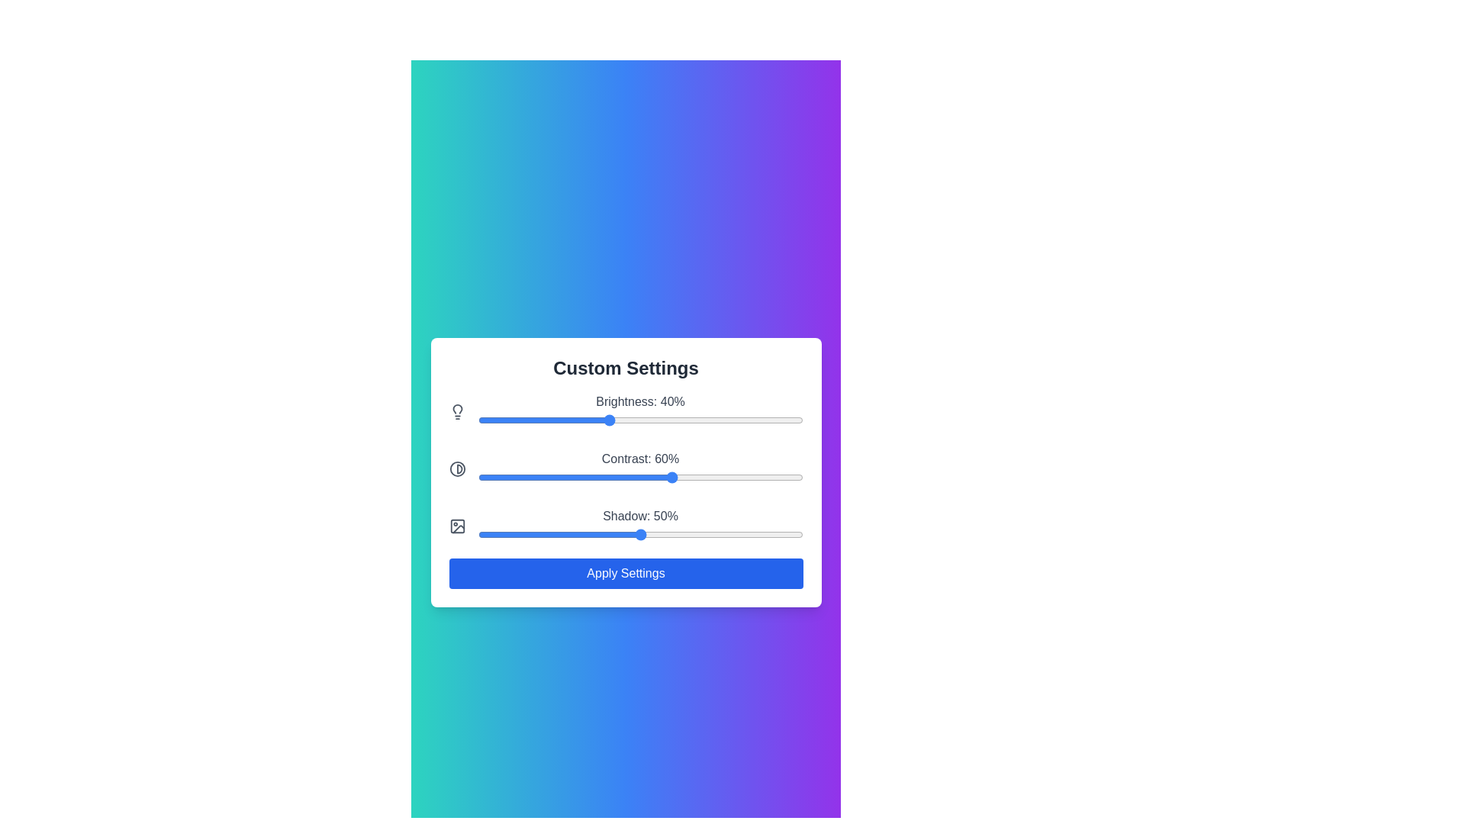  What do you see at coordinates (626, 573) in the screenshot?
I see `'Apply Settings' button to apply the current settings` at bounding box center [626, 573].